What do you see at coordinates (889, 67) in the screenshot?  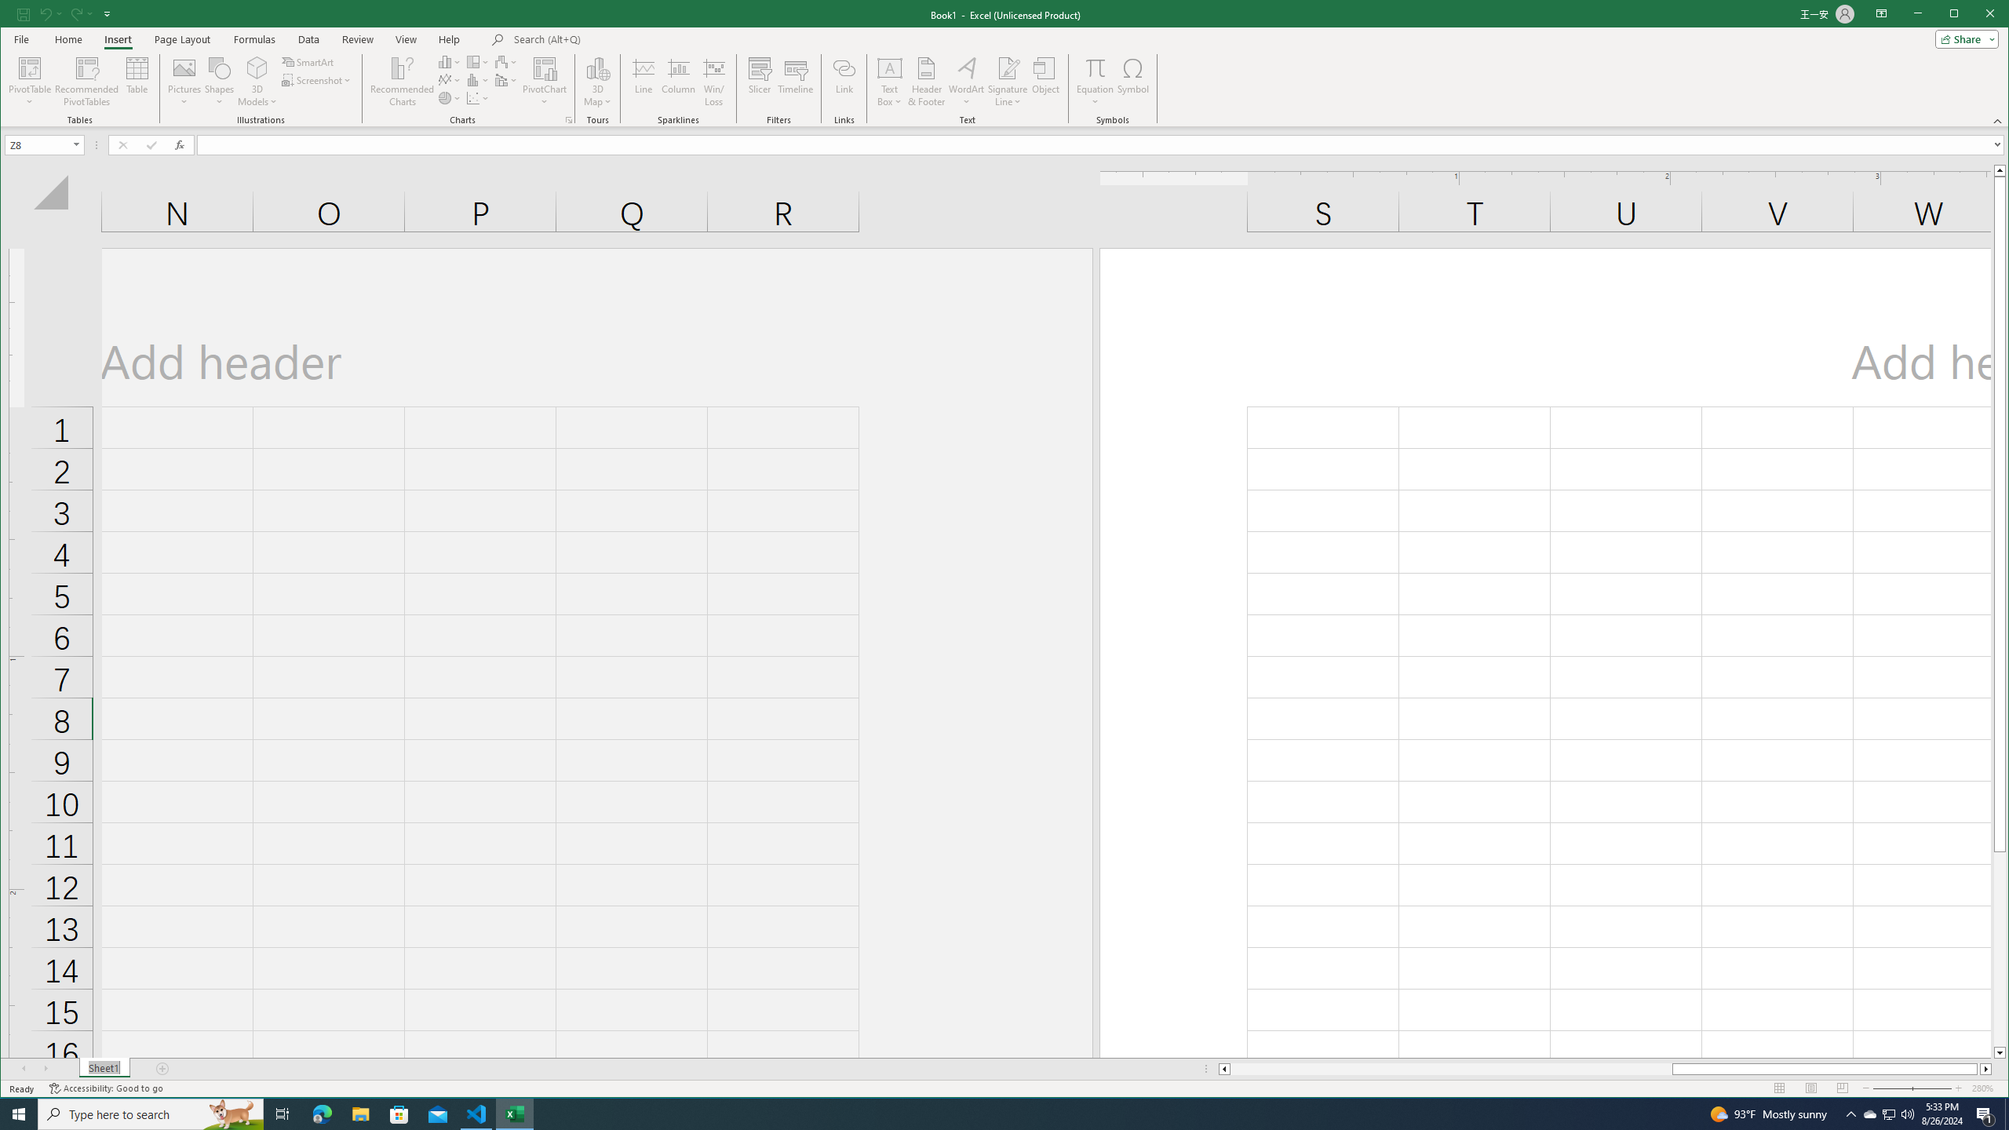 I see `'Draw Horizontal Text Box'` at bounding box center [889, 67].